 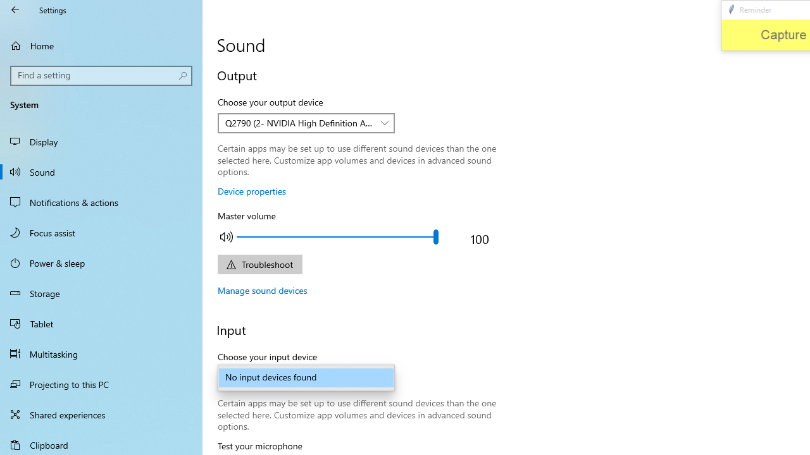 I want to click on 'Device properties', so click(x=252, y=191).